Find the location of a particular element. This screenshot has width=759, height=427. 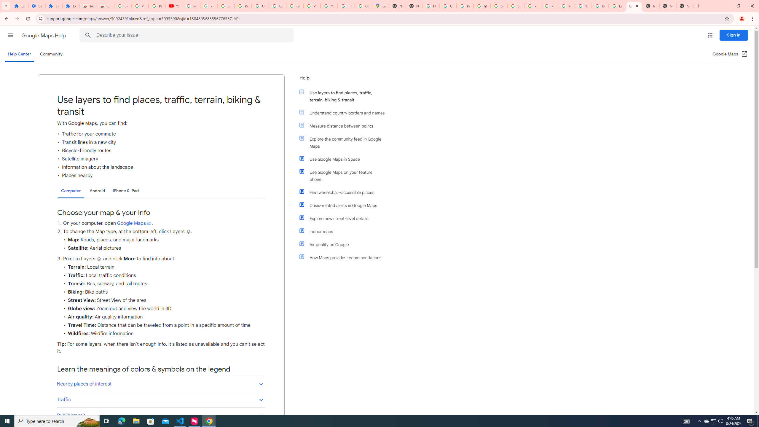

'New Tab' is located at coordinates (697, 6).